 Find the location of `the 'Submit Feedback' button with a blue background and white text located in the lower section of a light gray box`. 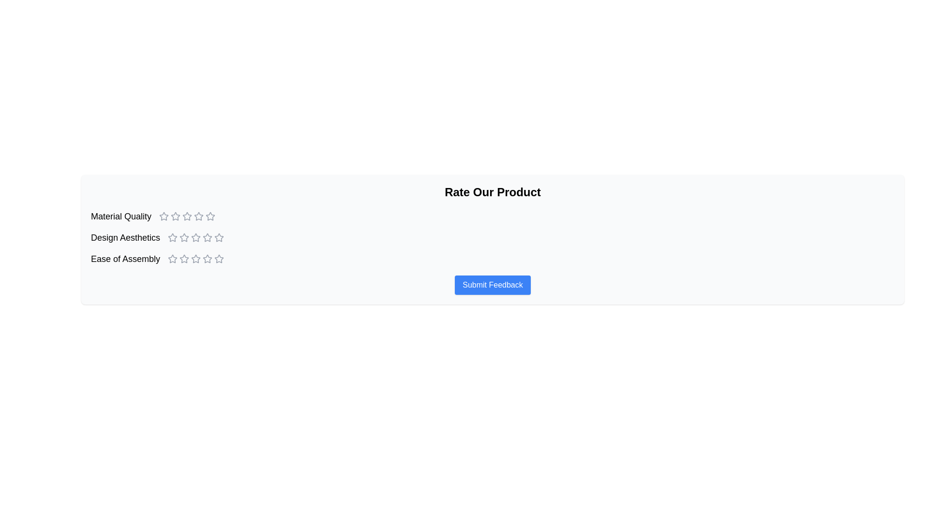

the 'Submit Feedback' button with a blue background and white text located in the lower section of a light gray box is located at coordinates (493, 285).